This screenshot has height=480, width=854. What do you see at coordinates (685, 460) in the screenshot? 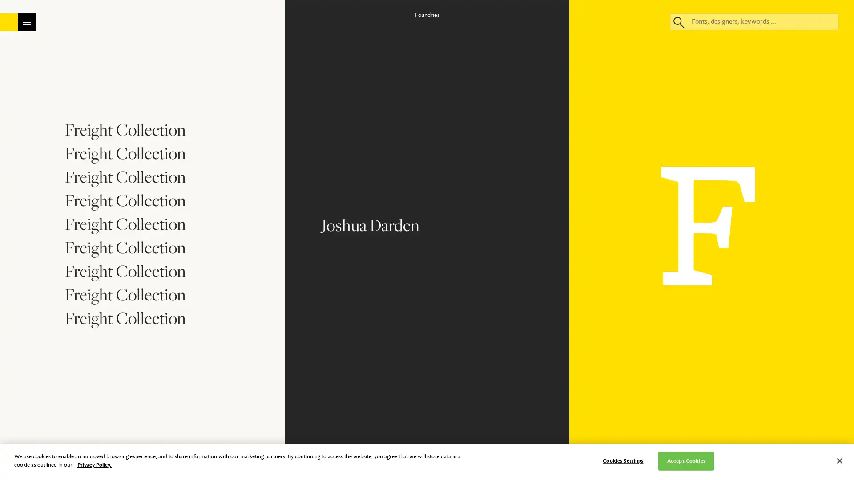
I see `Accept Cookies` at bounding box center [685, 460].